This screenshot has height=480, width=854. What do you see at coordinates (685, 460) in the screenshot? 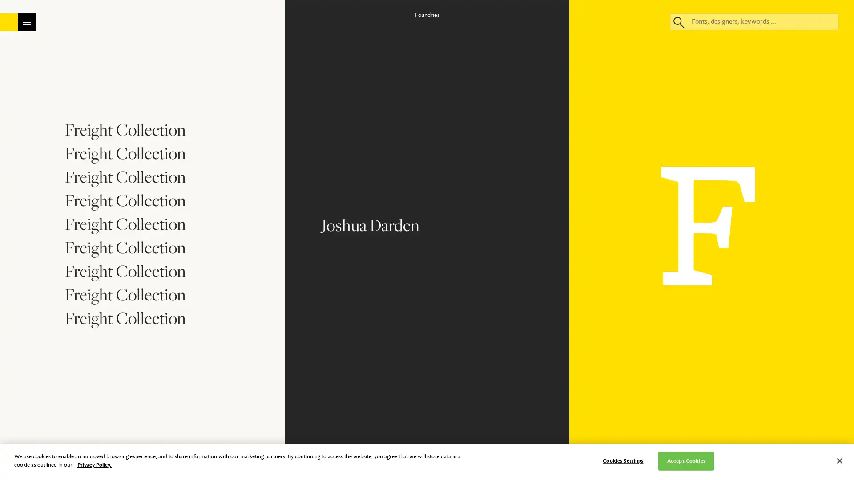
I see `Accept Cookies` at bounding box center [685, 460].